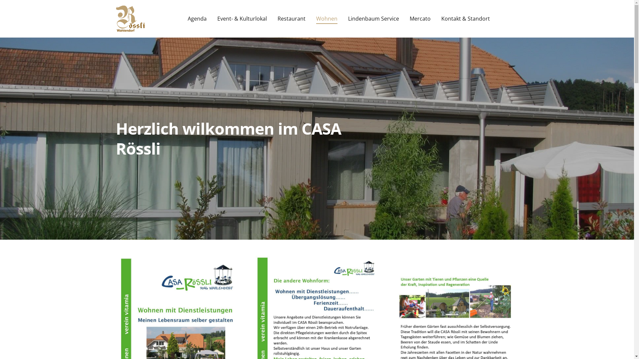  Describe the element at coordinates (197, 18) in the screenshot. I see `'Agenda'` at that location.